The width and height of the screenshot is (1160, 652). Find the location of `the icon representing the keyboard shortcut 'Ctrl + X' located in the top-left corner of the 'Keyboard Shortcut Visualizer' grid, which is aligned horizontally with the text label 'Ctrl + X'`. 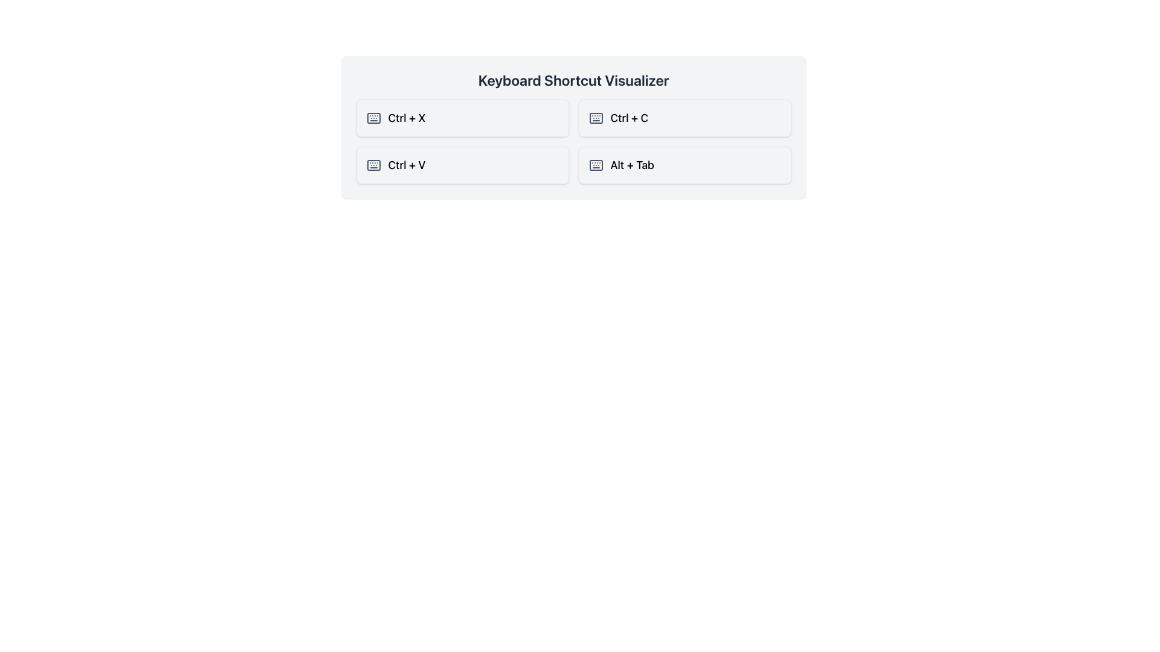

the icon representing the keyboard shortcut 'Ctrl + X' located in the top-left corner of the 'Keyboard Shortcut Visualizer' grid, which is aligned horizontally with the text label 'Ctrl + X' is located at coordinates (373, 118).